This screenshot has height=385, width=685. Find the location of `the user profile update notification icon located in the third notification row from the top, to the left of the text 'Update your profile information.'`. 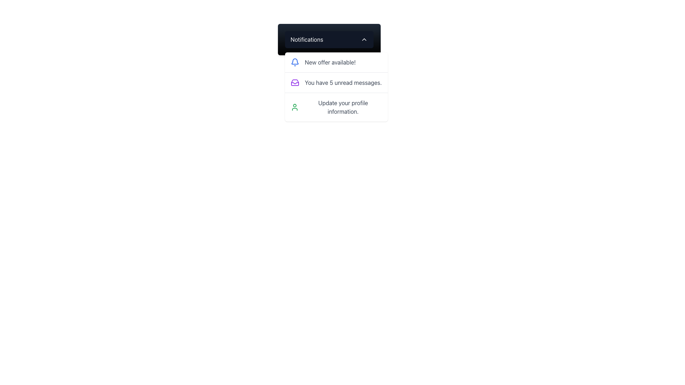

the user profile update notification icon located in the third notification row from the top, to the left of the text 'Update your profile information.' is located at coordinates (294, 107).